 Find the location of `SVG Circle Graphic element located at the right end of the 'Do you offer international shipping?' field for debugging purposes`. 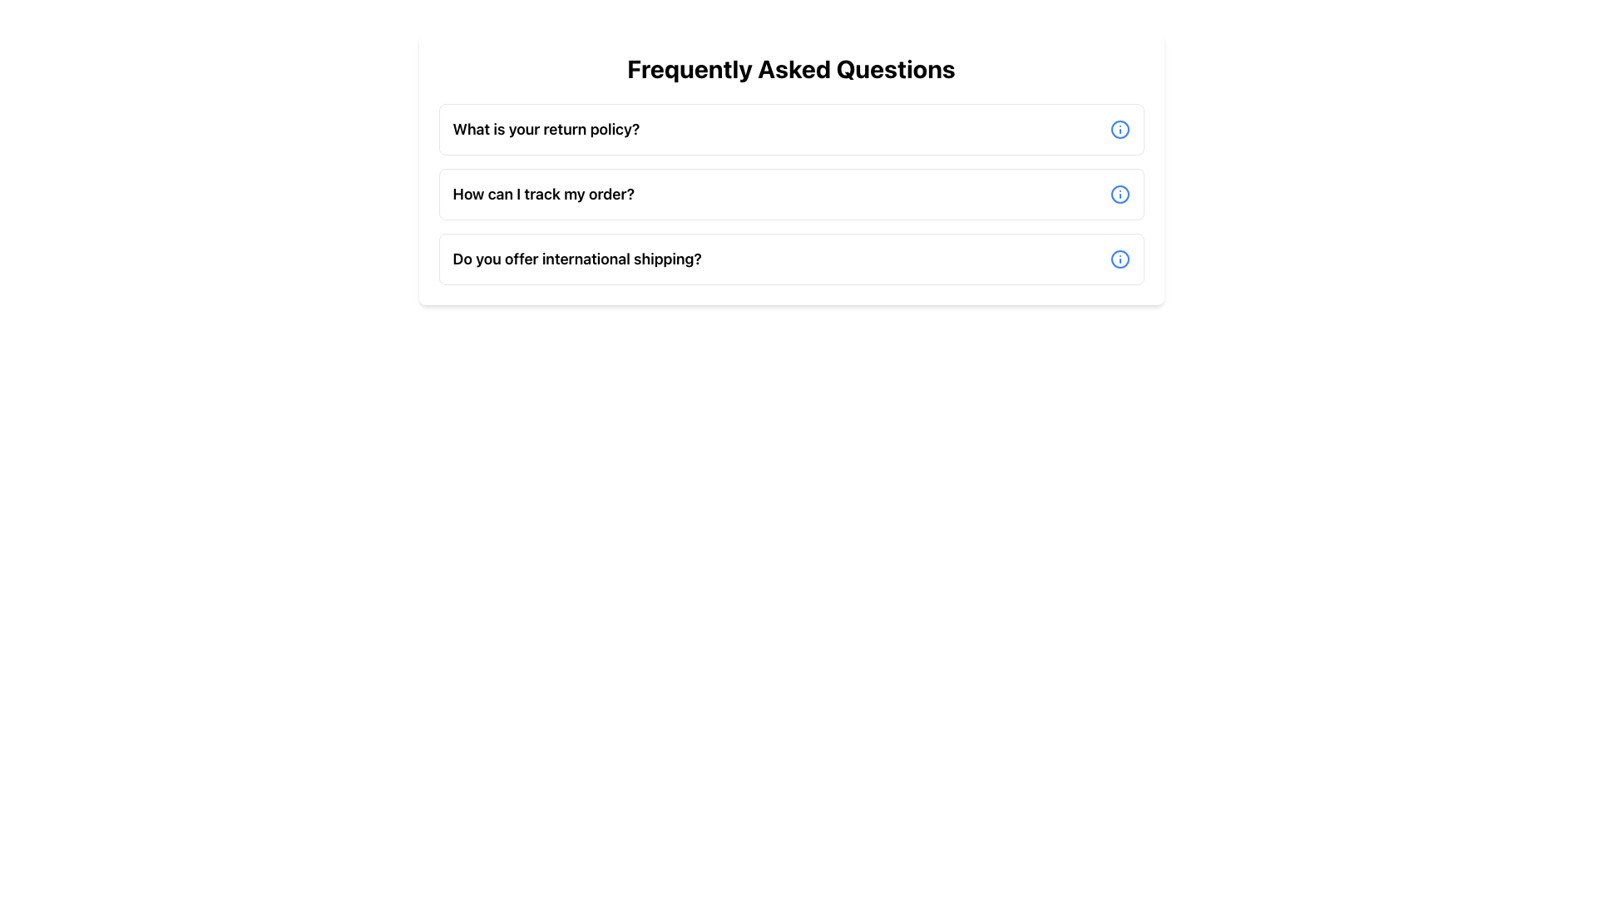

SVG Circle Graphic element located at the right end of the 'Do you offer international shipping?' field for debugging purposes is located at coordinates (1120, 259).